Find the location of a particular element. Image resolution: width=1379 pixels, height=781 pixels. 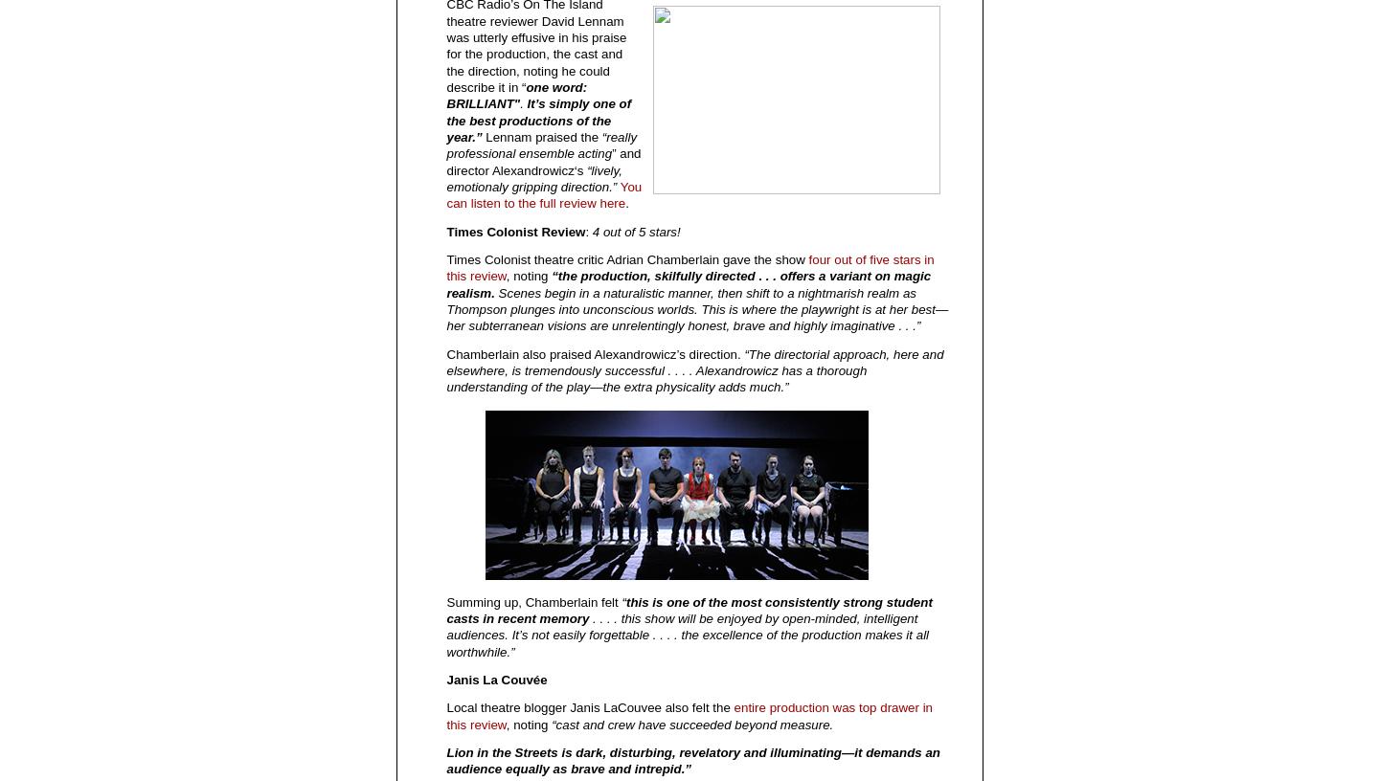

'entire production was top drawer in this review' is located at coordinates (689, 716).